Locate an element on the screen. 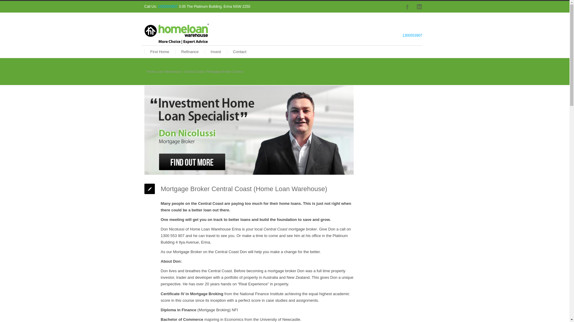 The height and width of the screenshot is (322, 574). 'Refinance' is located at coordinates (190, 51).